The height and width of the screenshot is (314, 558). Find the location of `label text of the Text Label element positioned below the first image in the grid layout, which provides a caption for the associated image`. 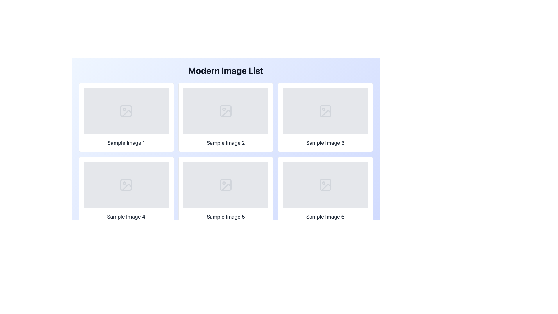

label text of the Text Label element positioned below the first image in the grid layout, which provides a caption for the associated image is located at coordinates (126, 143).